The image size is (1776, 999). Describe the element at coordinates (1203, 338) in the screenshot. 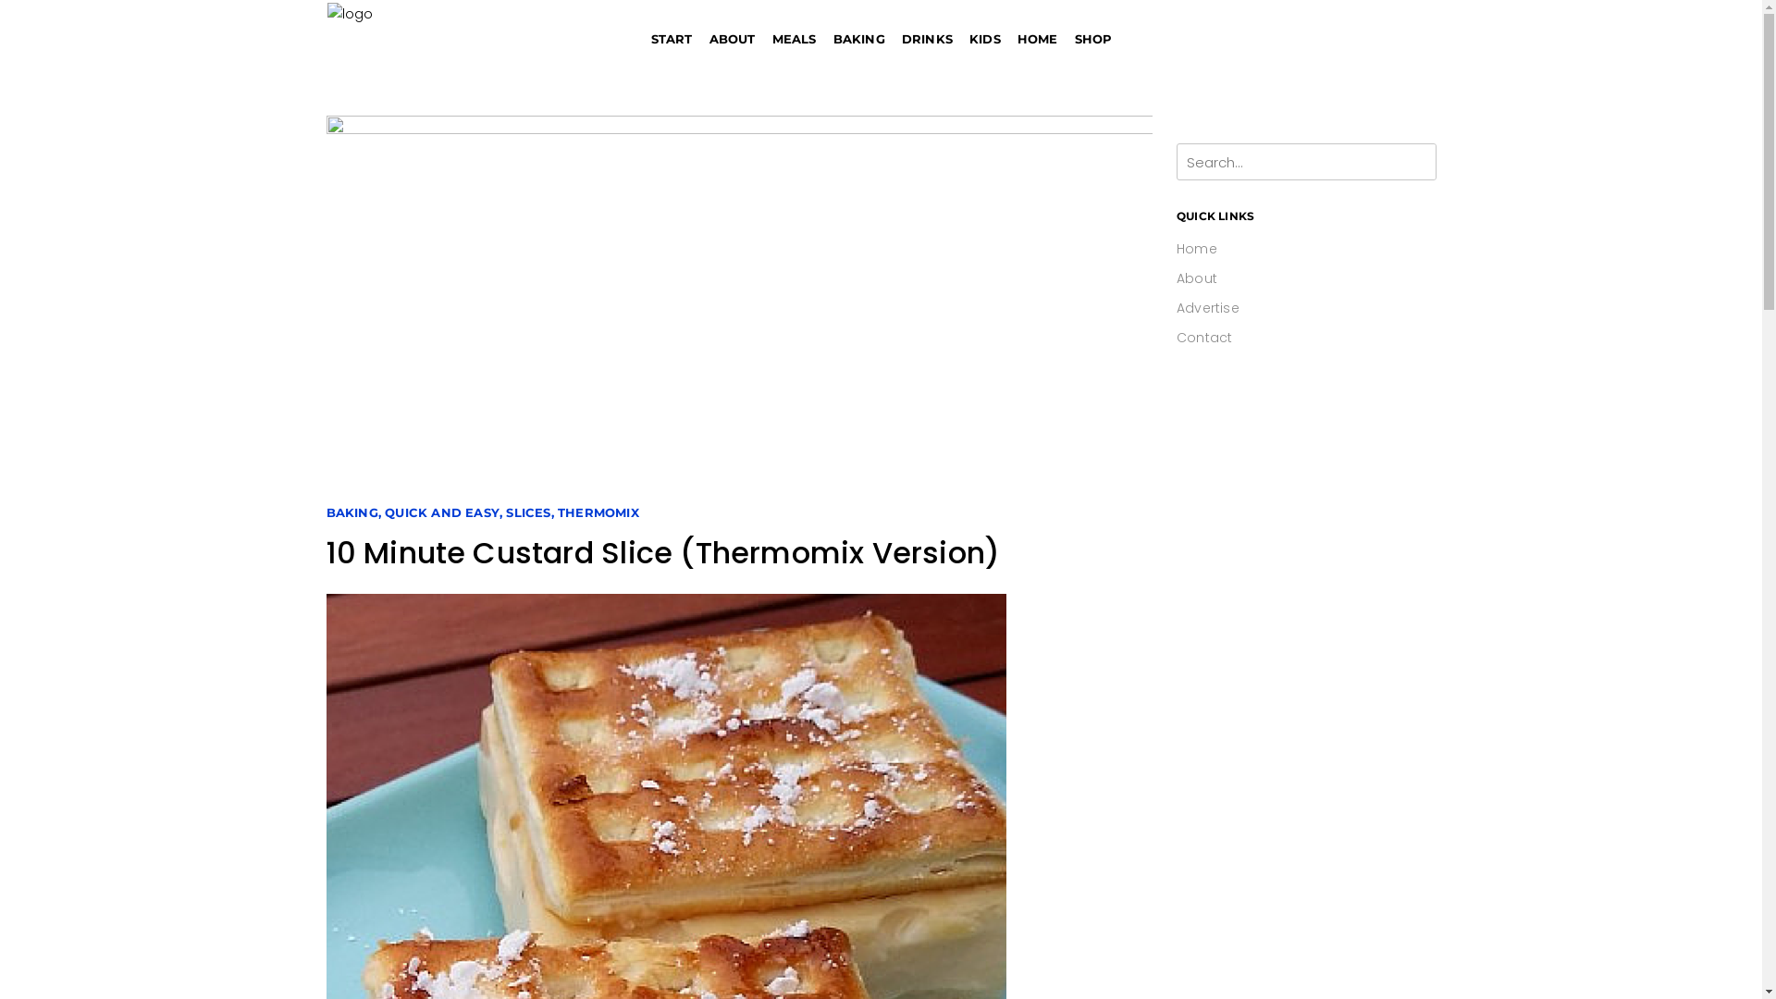

I see `'Contact'` at that location.